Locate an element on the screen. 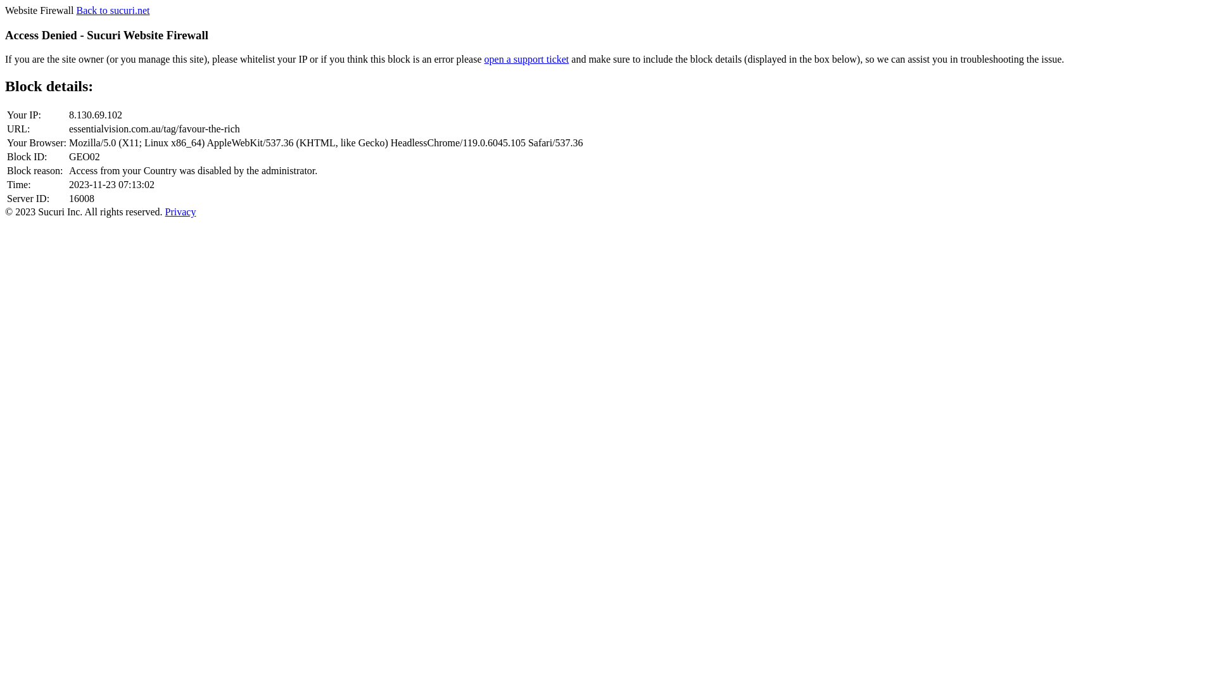 The image size is (1216, 684). 'Privacy' is located at coordinates (180, 211).